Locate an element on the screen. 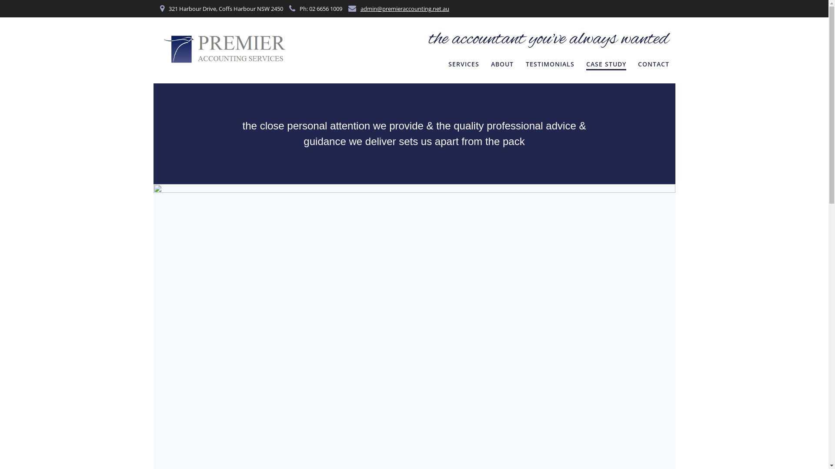  'admin@premieraccounting.net.au' is located at coordinates (404, 8).